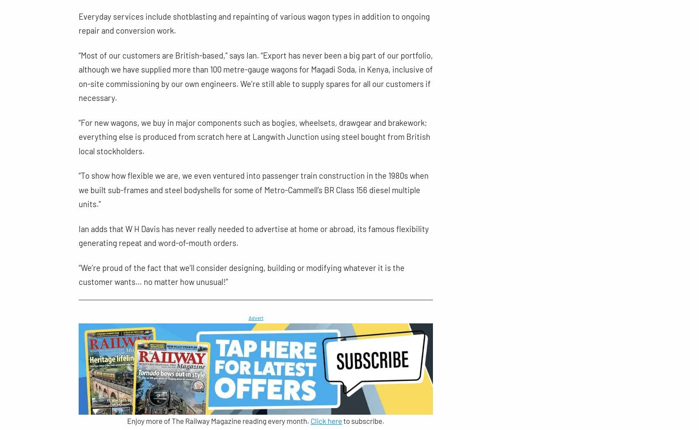 The width and height of the screenshot is (699, 430). I want to click on 'Everyday services include shotblasting and repainting of various wagon types in addition to ongoing repair and conversion work.', so click(254, 23).